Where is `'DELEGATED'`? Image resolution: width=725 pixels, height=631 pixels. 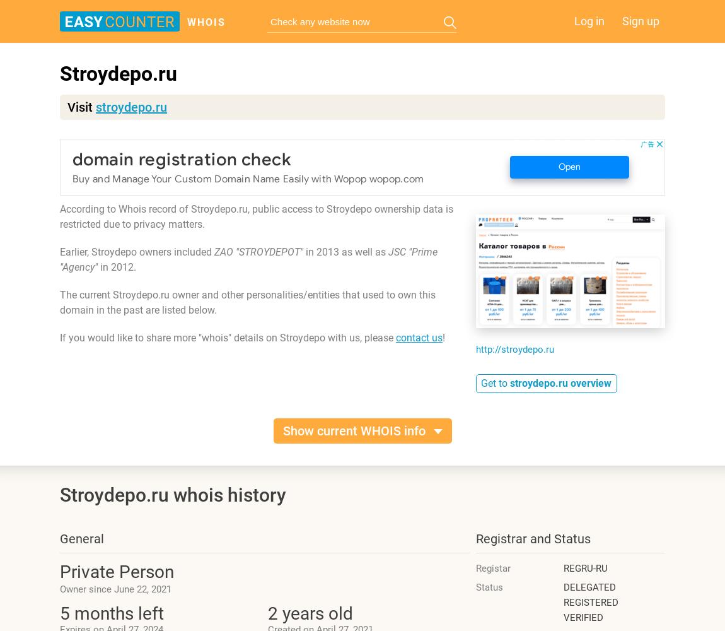 'DELEGATED' is located at coordinates (589, 587).